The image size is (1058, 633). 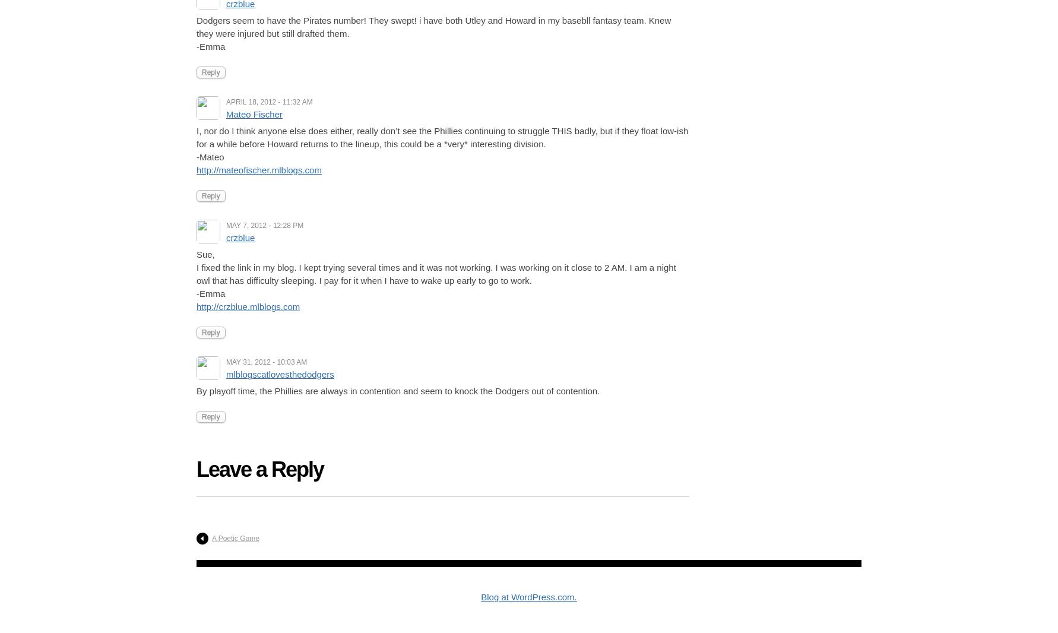 I want to click on 'Dodgers seem to have the Pirates number!  They swept!  i have both Utley and Howard in my basebll fantasy team.  Knew they were injured but still drafted them.', so click(x=433, y=26).